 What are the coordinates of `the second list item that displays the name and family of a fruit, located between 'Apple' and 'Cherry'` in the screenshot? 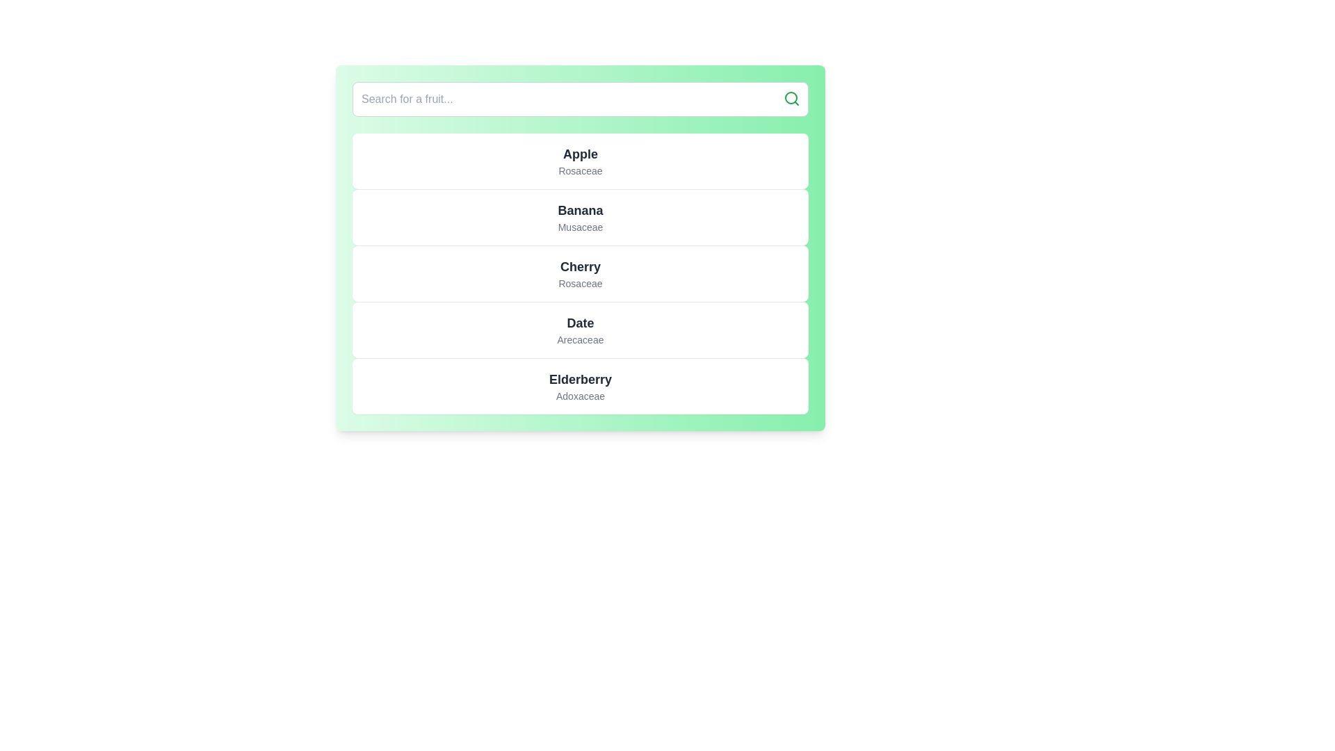 It's located at (581, 217).